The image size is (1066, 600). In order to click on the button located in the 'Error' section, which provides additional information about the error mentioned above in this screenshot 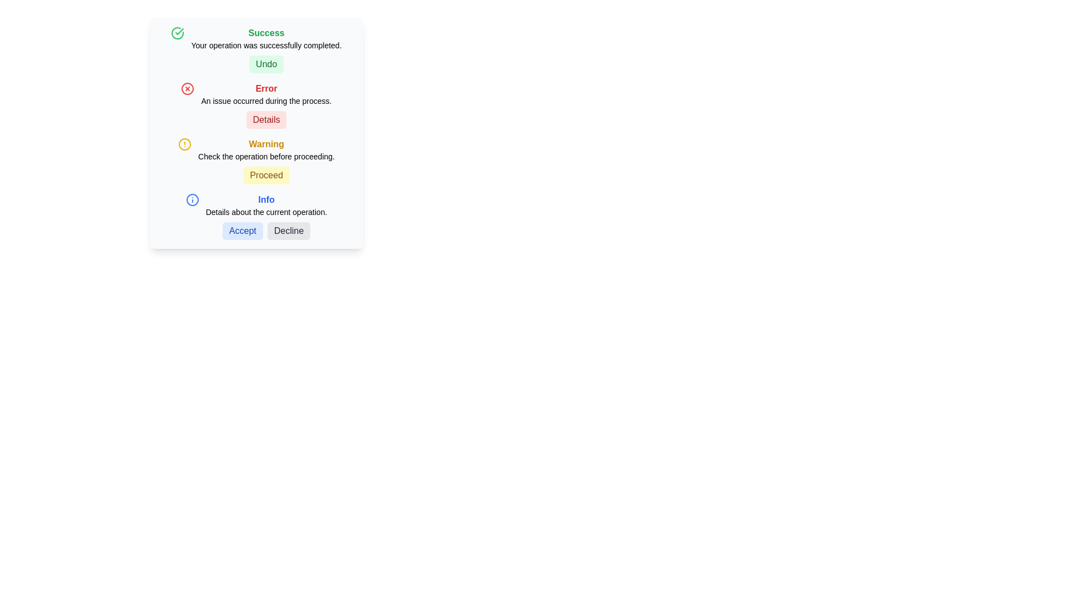, I will do `click(266, 120)`.